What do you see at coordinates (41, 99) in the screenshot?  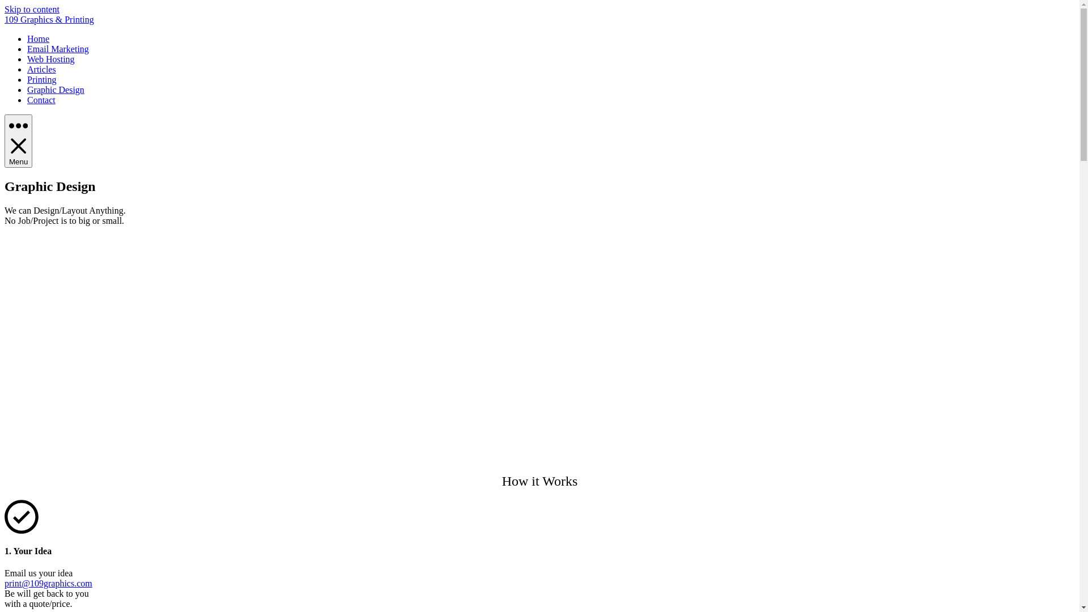 I see `'Contact'` at bounding box center [41, 99].